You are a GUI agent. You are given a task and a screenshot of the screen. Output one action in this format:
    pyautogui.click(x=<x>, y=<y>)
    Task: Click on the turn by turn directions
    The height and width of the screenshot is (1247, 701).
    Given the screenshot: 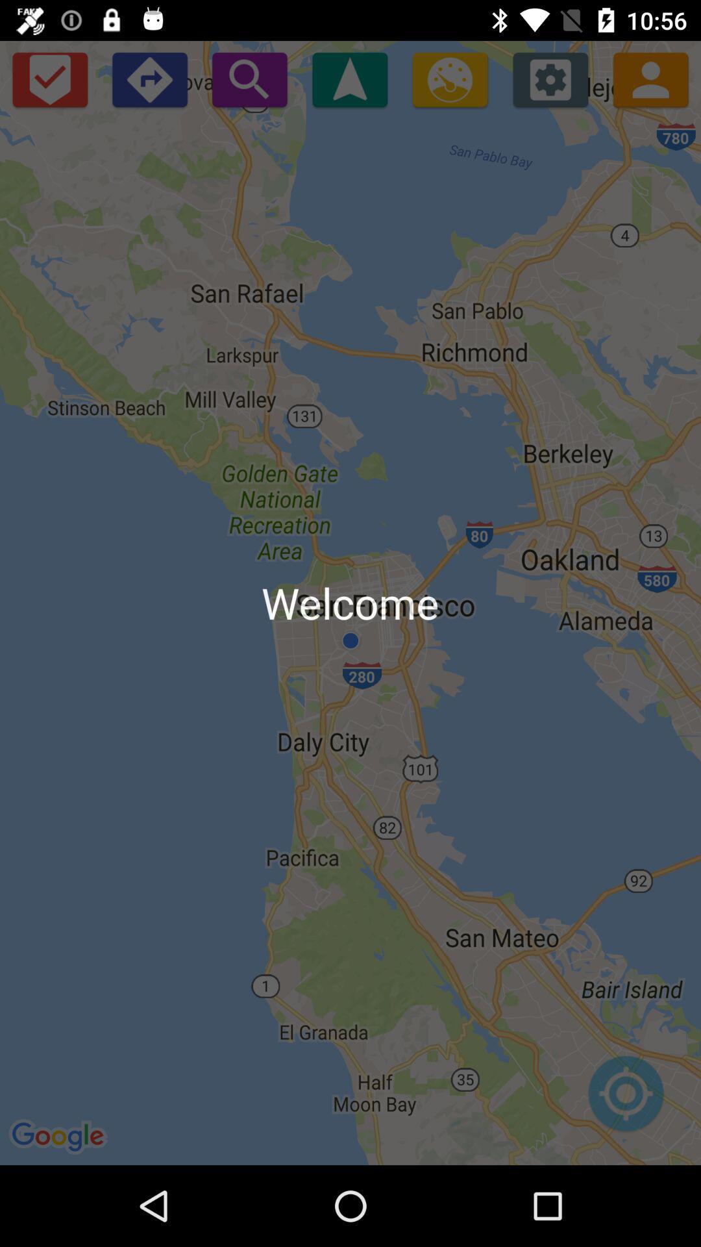 What is the action you would take?
    pyautogui.click(x=149, y=79)
    